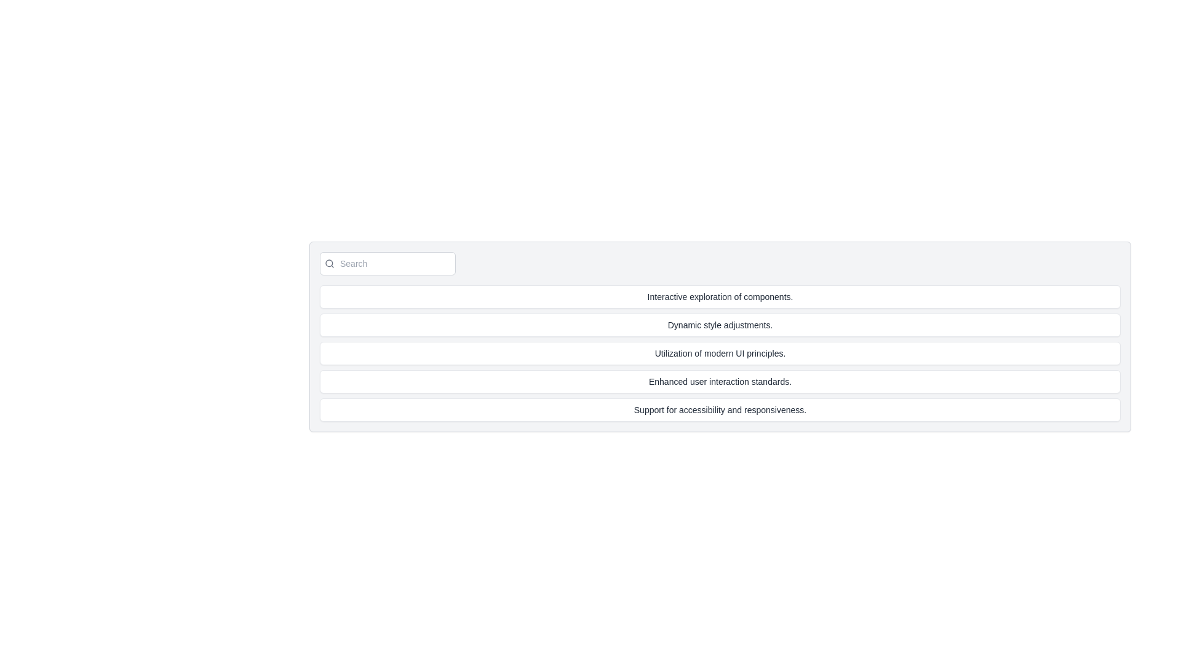 The height and width of the screenshot is (664, 1181). I want to click on the graphical embellishment or non-interactive placeholder that is part of the sentence 'Enhanced user interaction standards.' located near the word 'standards' in the fourth list item, so click(688, 381).